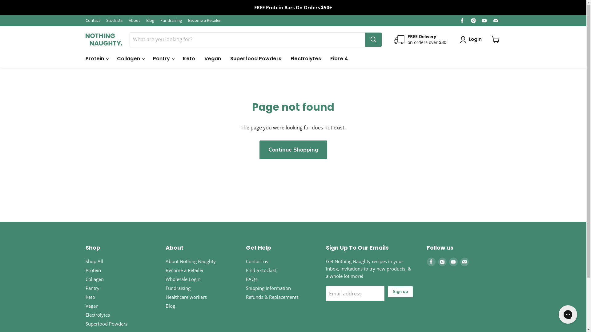 The image size is (591, 332). Describe the element at coordinates (85, 20) in the screenshot. I see `'Contact'` at that location.